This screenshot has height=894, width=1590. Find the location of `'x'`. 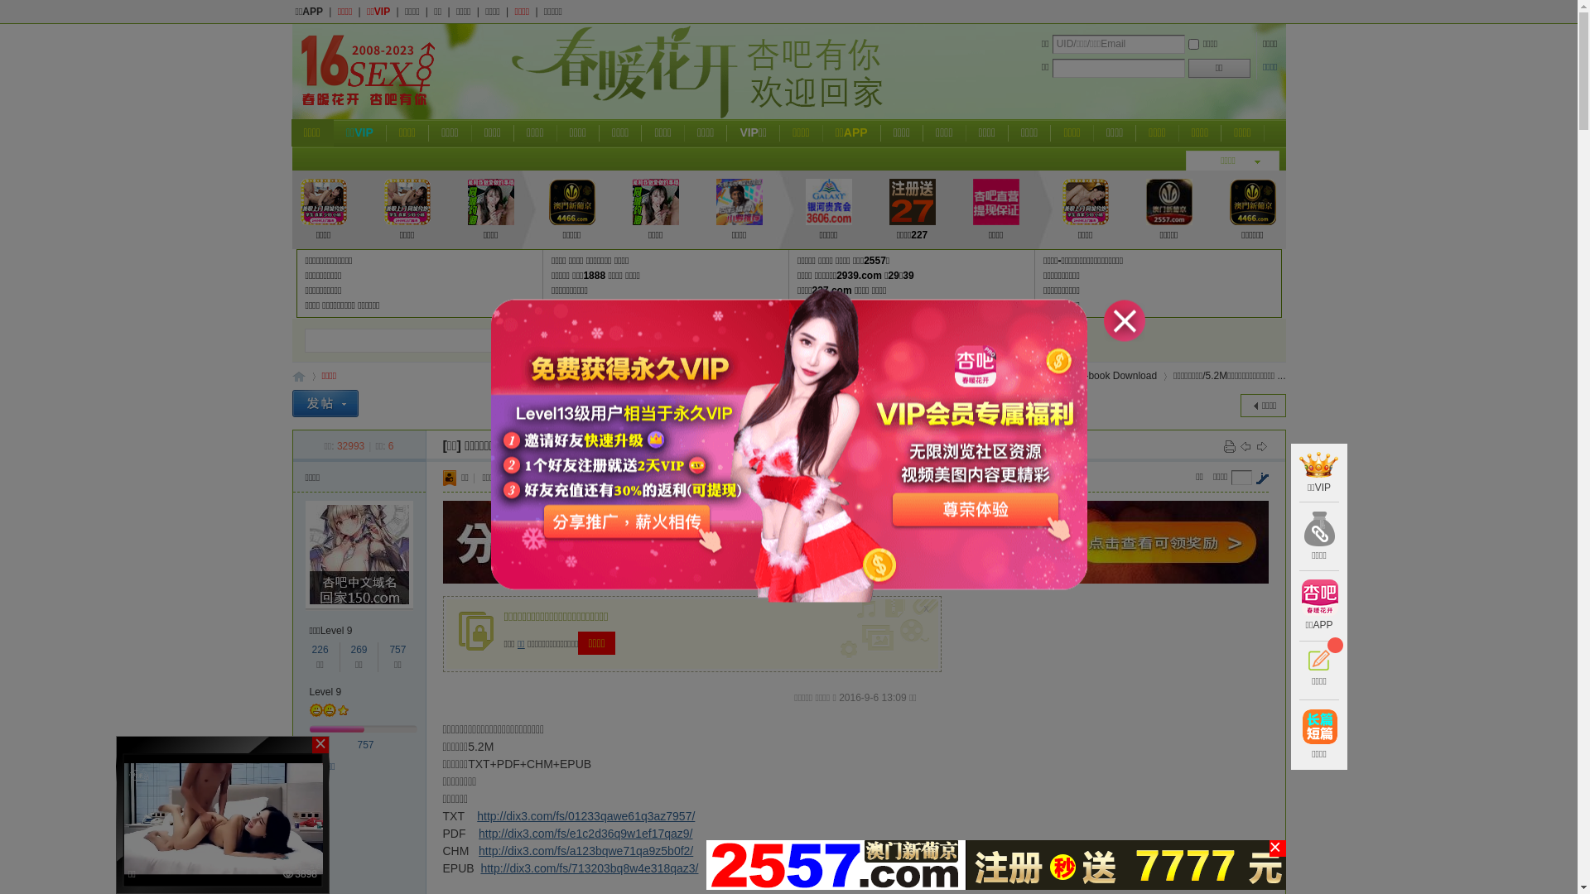

'x' is located at coordinates (928, 605).